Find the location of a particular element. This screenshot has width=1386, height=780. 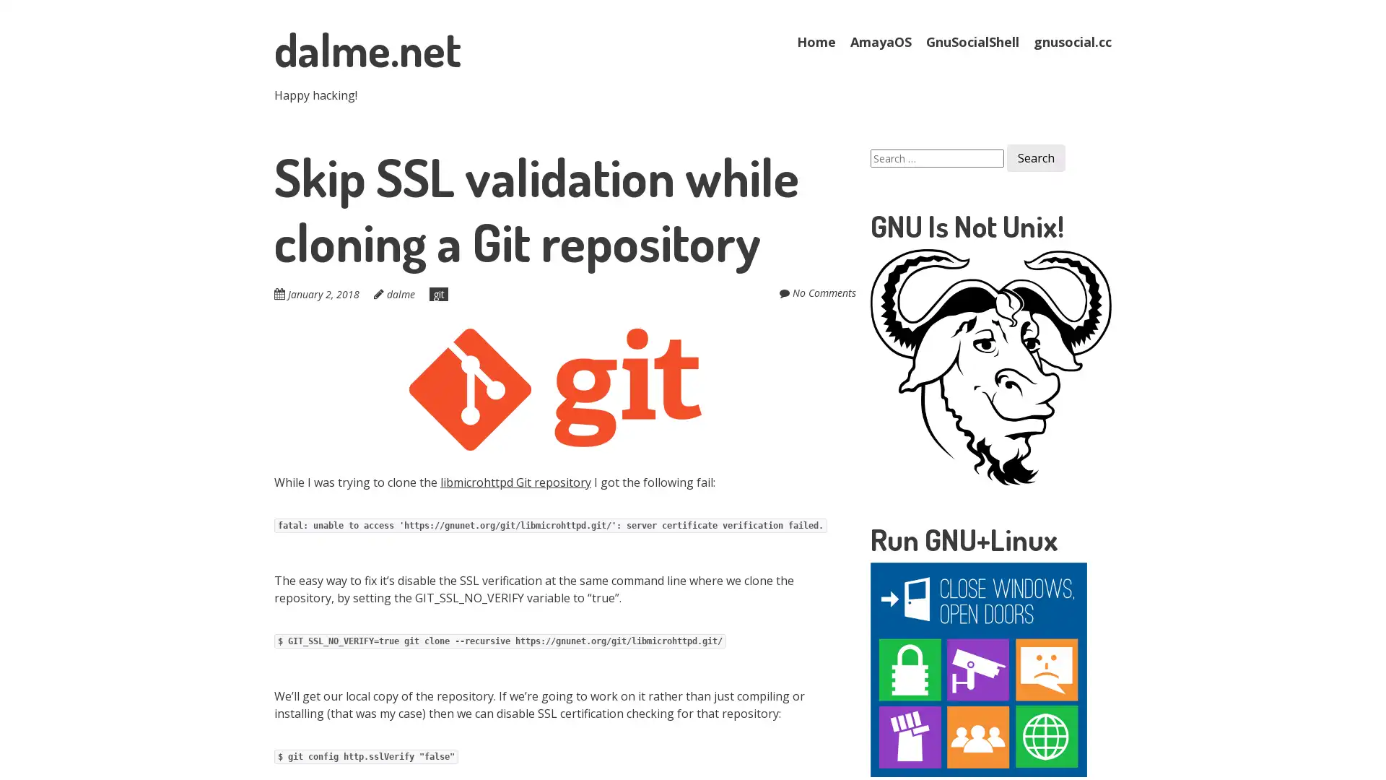

Search is located at coordinates (1035, 158).